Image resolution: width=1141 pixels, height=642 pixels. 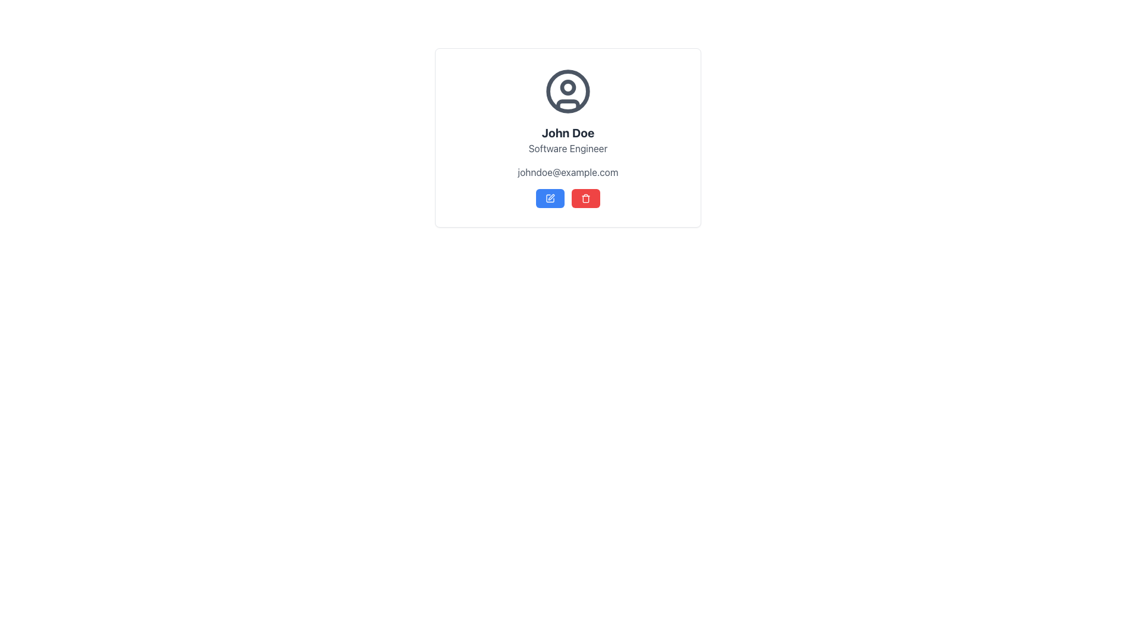 What do you see at coordinates (567, 91) in the screenshot?
I see `the user profile icon, which is a gray circular outline with a smaller circle and semi-circular shape below, located at the top-center of the card layout above user information` at bounding box center [567, 91].